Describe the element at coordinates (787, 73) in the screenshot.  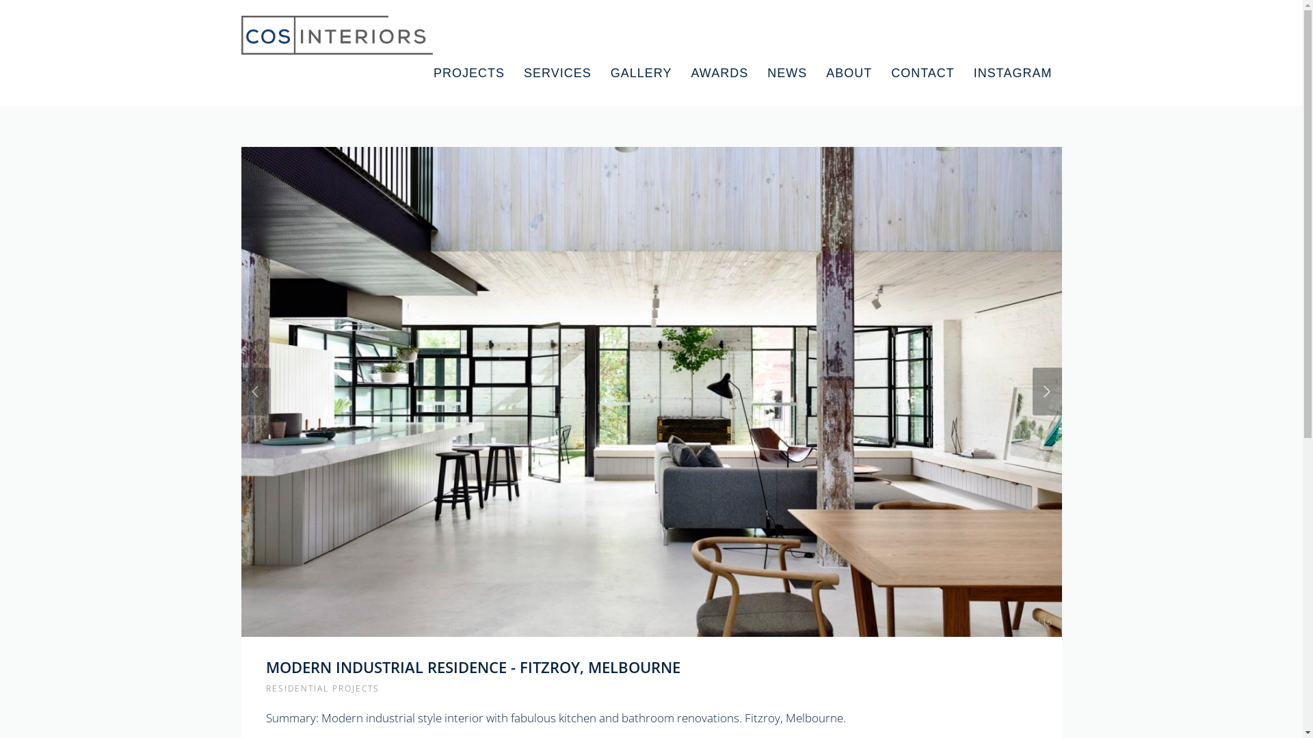
I see `'NEWS'` at that location.